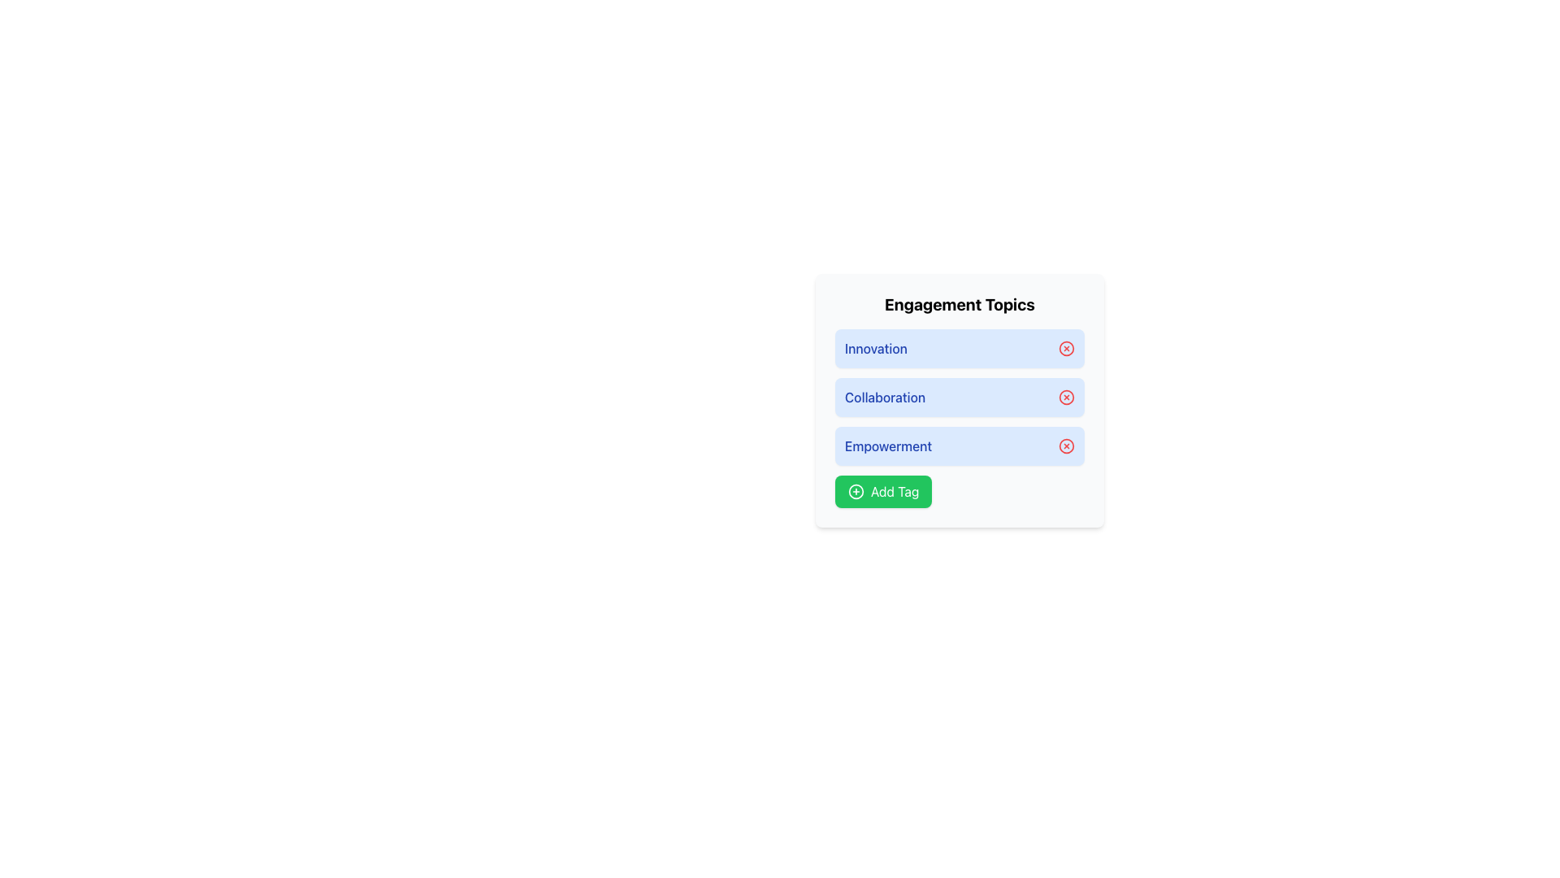  Describe the element at coordinates (1067, 347) in the screenshot. I see `the icon button located on the far-right side of the row containing the label 'Innovation'` at that location.